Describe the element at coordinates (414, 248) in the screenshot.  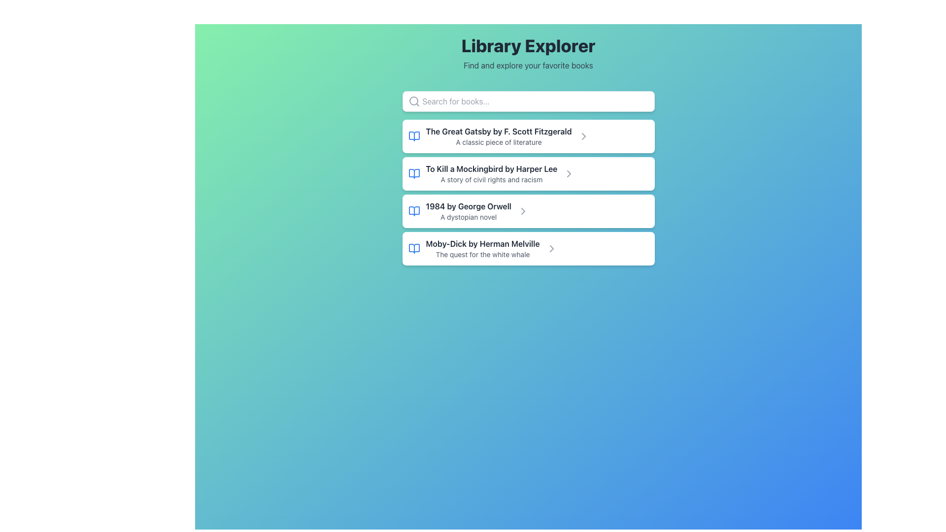
I see `the open book icon styled in blue, located to the left of the text 'Moby-Dick by Herman Melville' within the card` at that location.